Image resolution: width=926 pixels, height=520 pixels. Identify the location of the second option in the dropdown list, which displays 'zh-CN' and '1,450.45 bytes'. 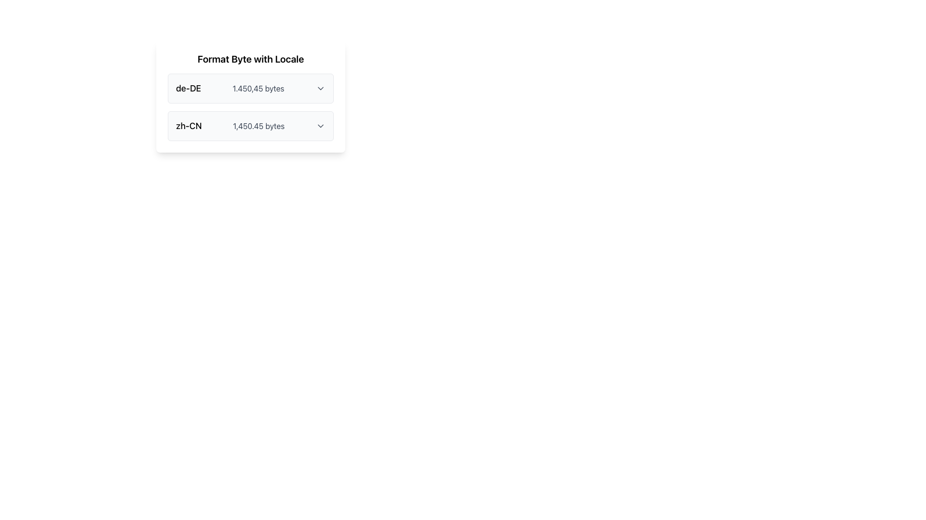
(250, 126).